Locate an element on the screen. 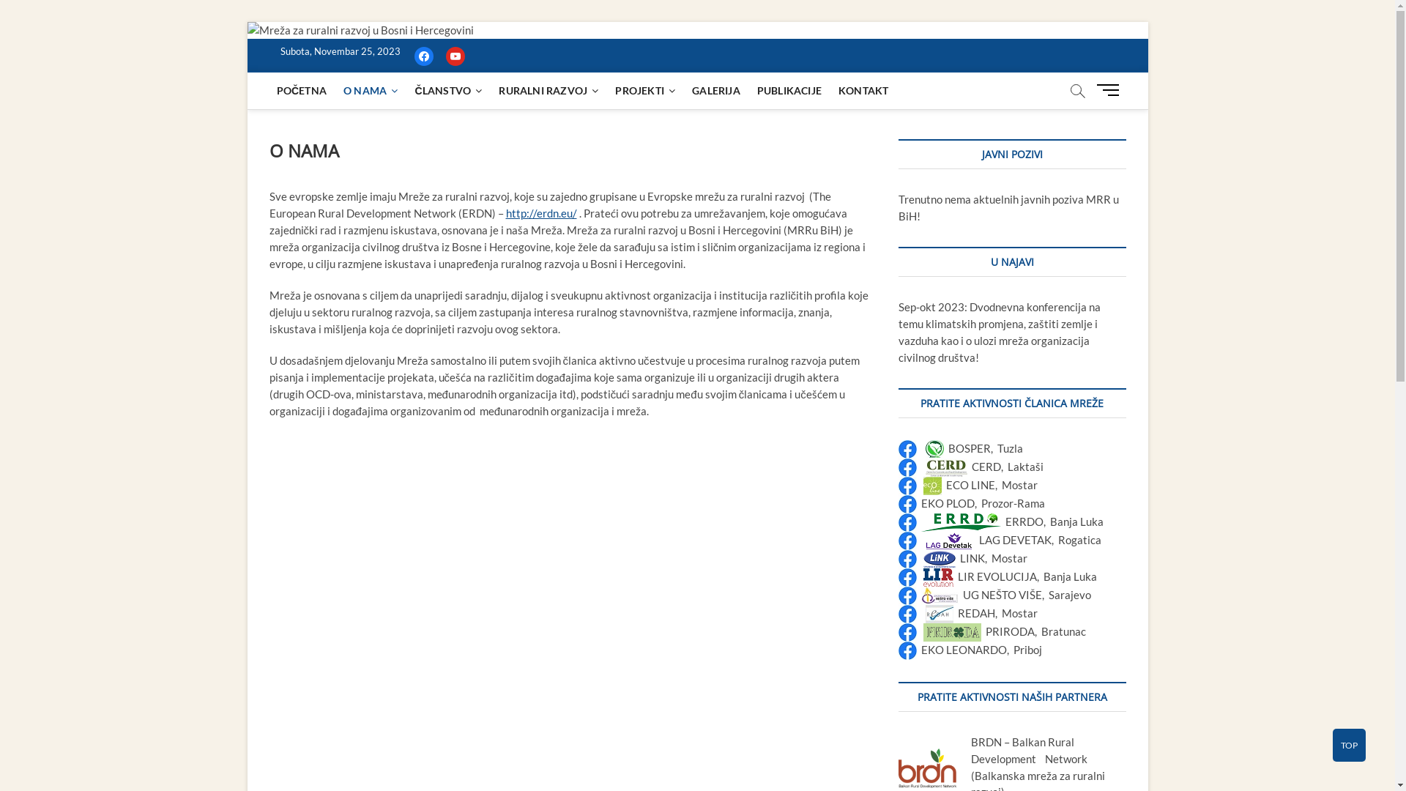  'O NAMA' is located at coordinates (370, 90).